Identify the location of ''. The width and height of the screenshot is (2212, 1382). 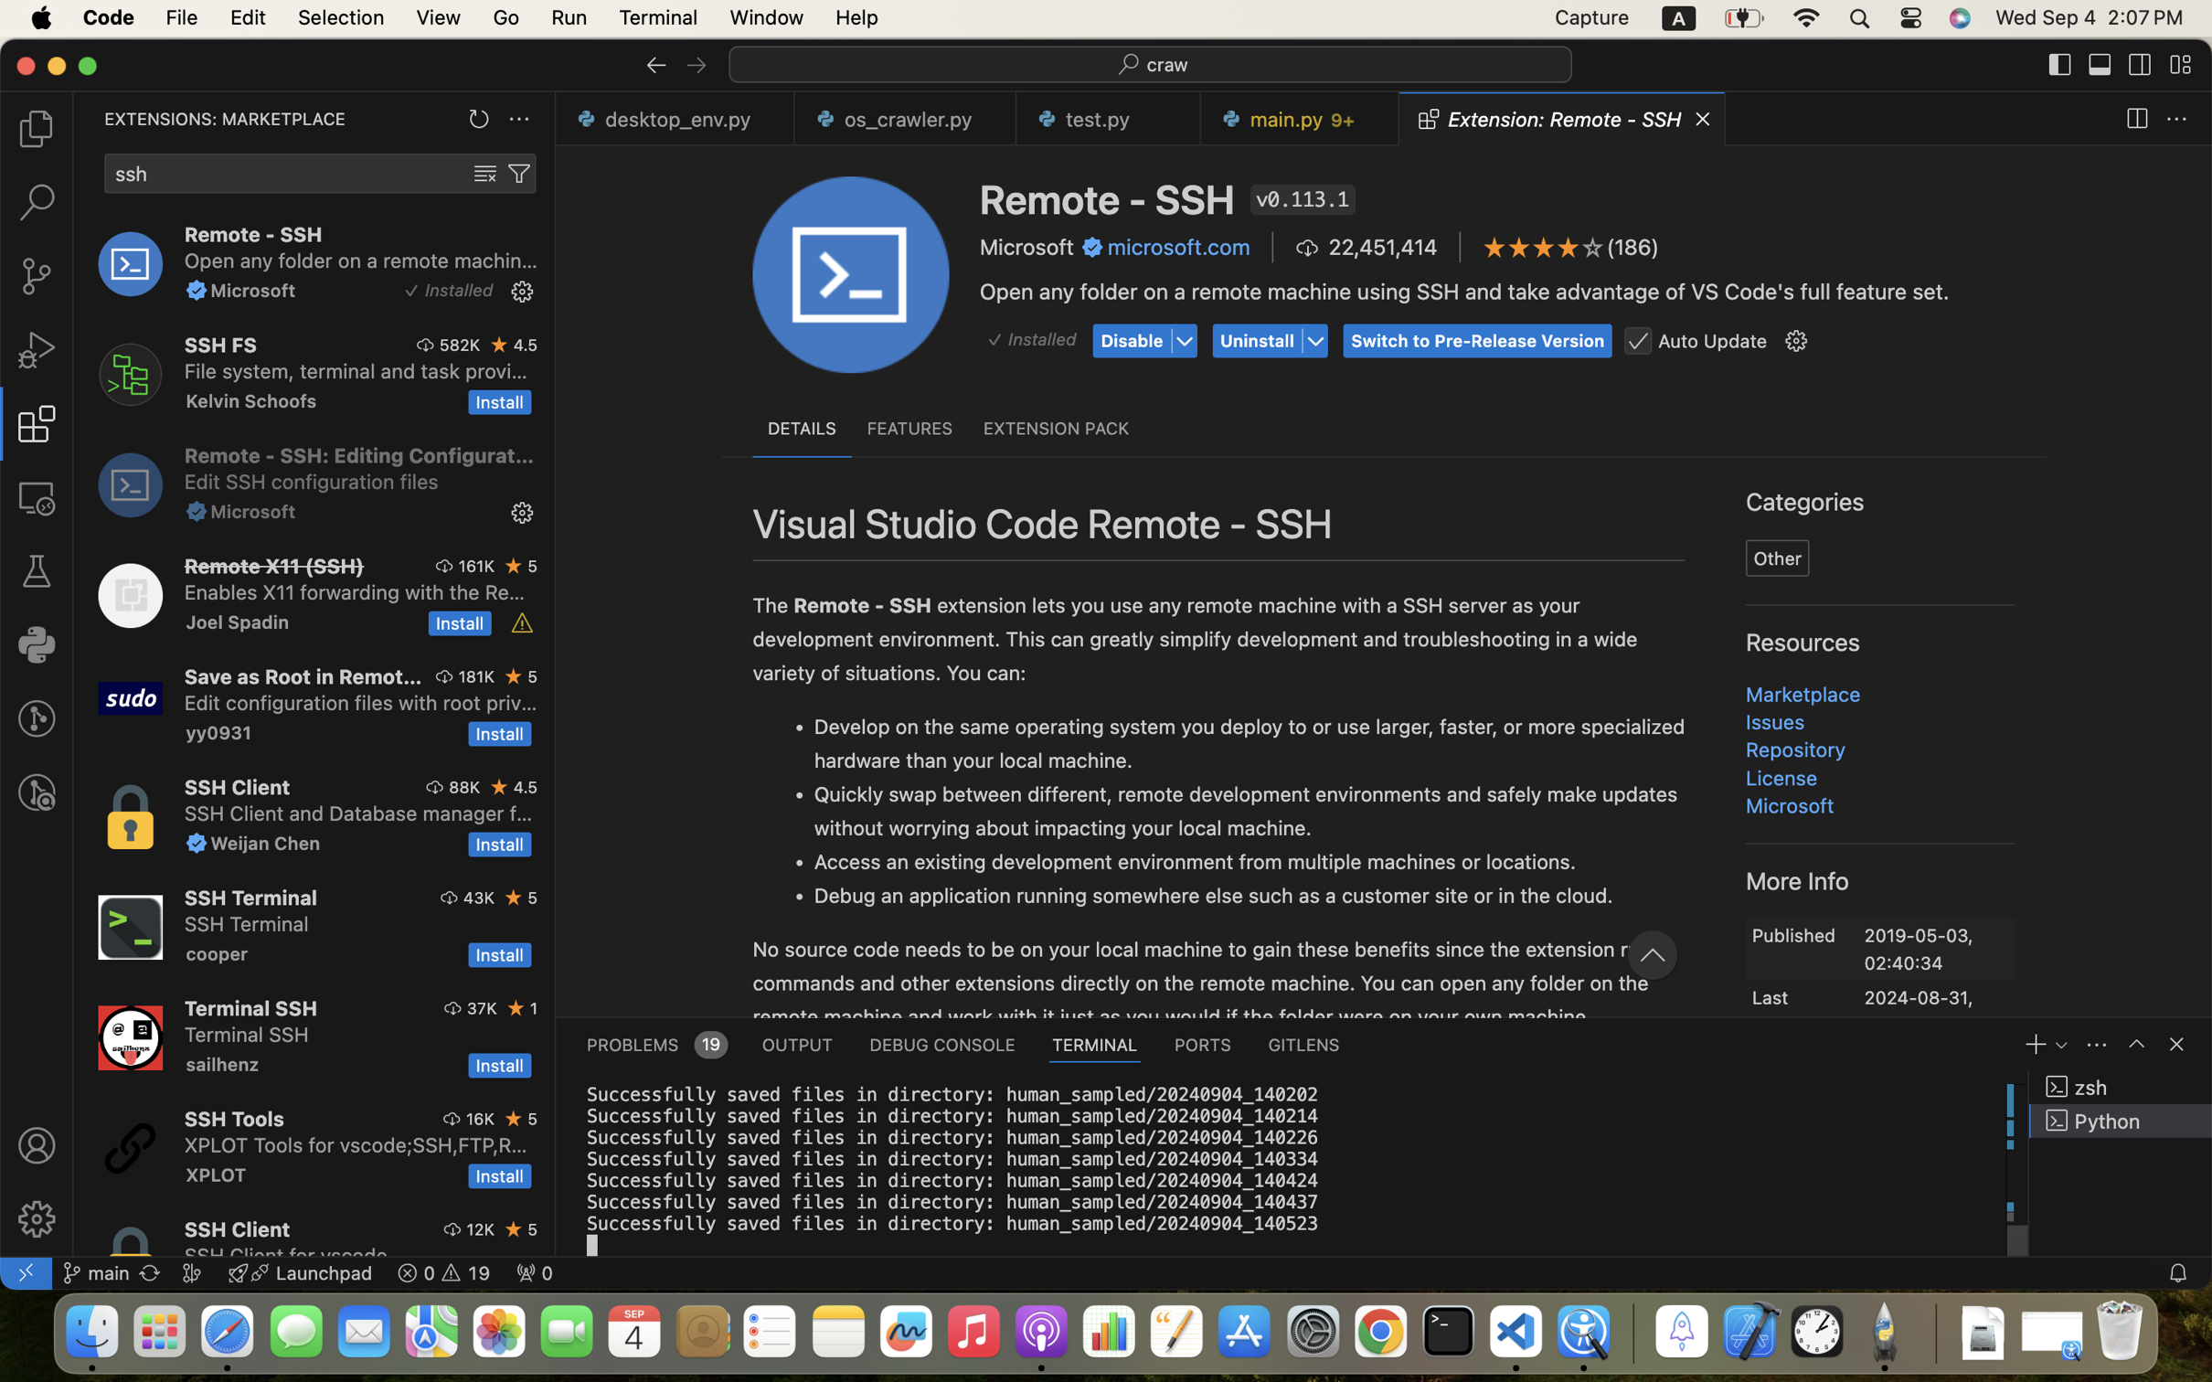
(2176, 1044).